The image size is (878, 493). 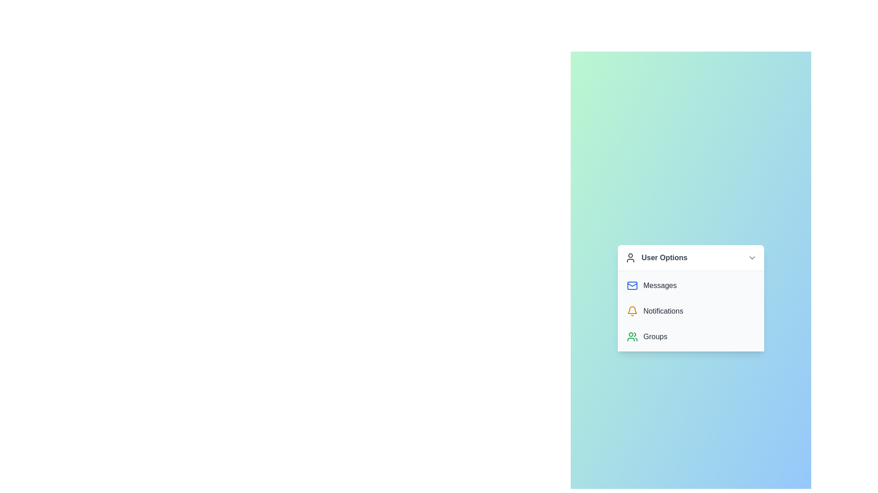 What do you see at coordinates (752, 257) in the screenshot?
I see `the button located to the far-right side of the header labeled 'User Options'` at bounding box center [752, 257].